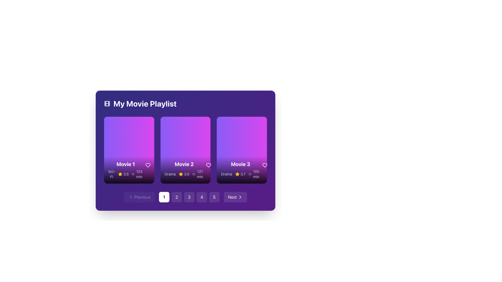  Describe the element at coordinates (125, 164) in the screenshot. I see `displayed text of the bold, large-sized title 'Movie 1' in white, which is located near the top part of the bottom section of the first movie card` at that location.